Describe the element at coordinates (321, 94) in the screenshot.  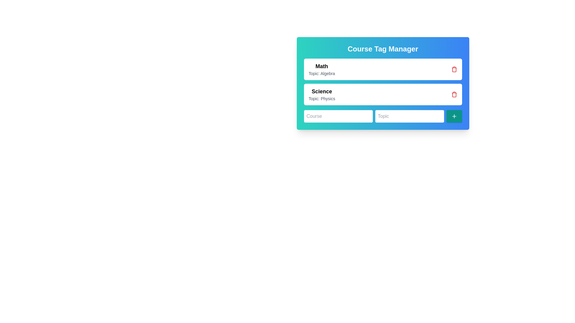
I see `the Text block displaying 'Science' with the secondary text 'Topic: Physics', located in the second row of the list underneath 'Math Topic: Algebra'` at that location.